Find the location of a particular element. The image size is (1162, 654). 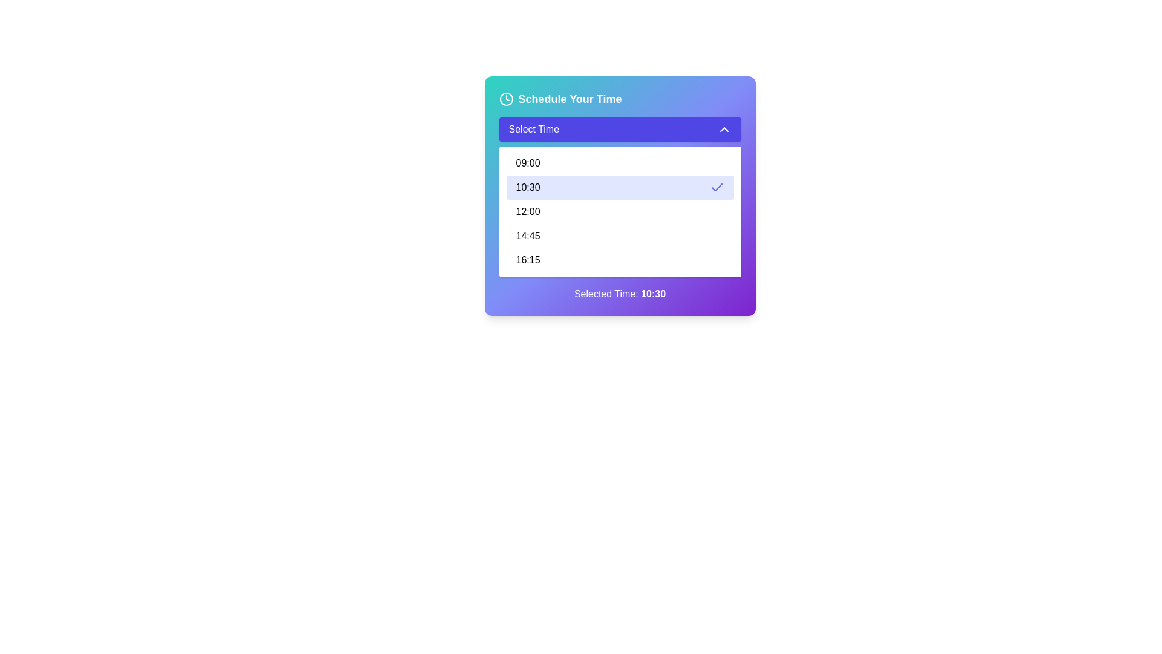

the text label displaying the time '09:00' is located at coordinates (528, 163).